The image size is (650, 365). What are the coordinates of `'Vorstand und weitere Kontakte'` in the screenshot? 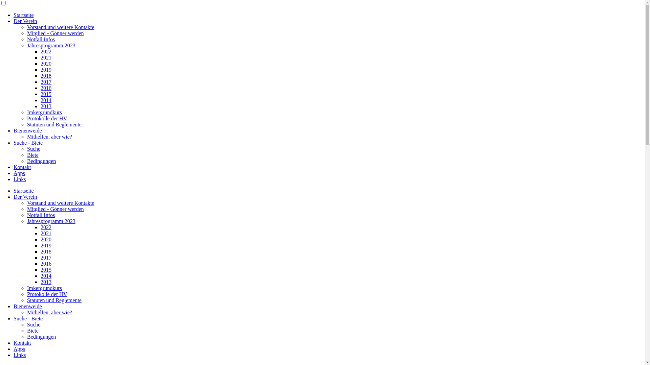 It's located at (60, 202).